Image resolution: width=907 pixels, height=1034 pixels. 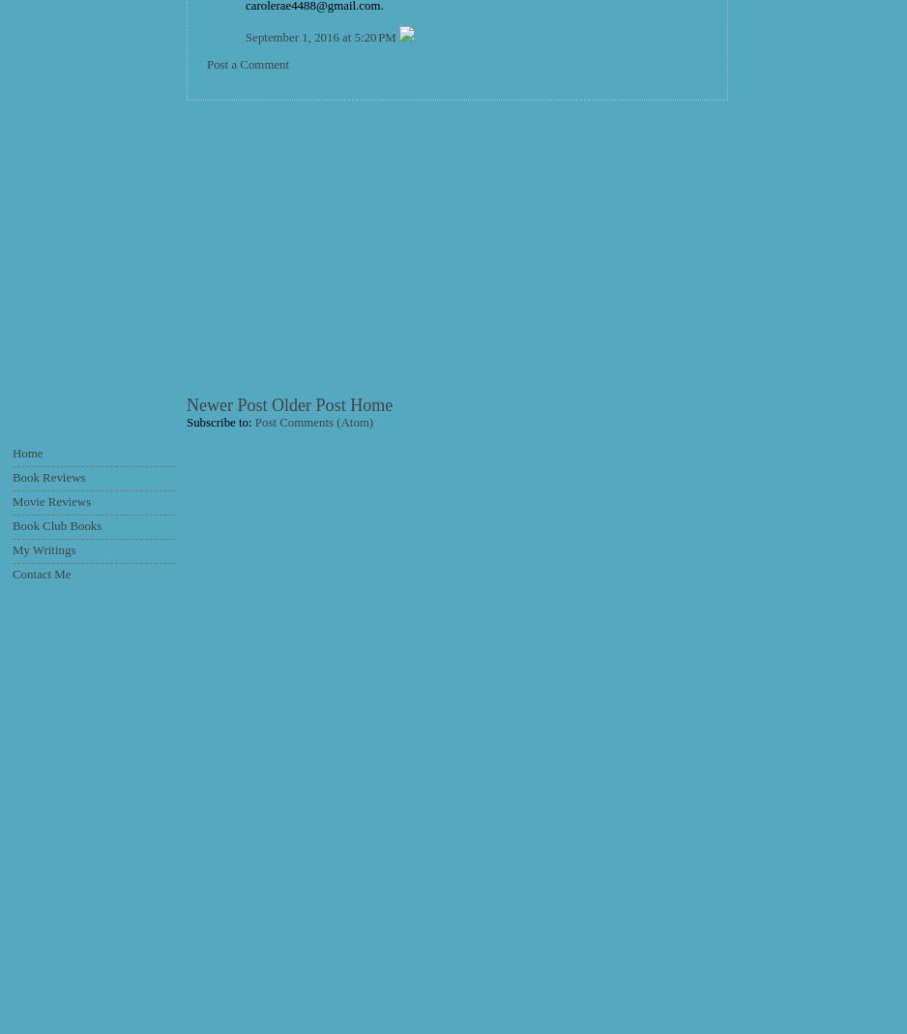 I want to click on 'Newer Post', so click(x=226, y=405).